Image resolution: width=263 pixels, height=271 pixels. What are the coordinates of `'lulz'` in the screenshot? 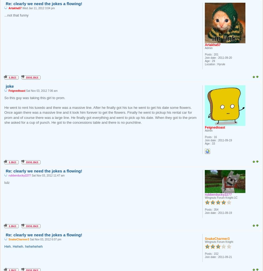 It's located at (7, 182).